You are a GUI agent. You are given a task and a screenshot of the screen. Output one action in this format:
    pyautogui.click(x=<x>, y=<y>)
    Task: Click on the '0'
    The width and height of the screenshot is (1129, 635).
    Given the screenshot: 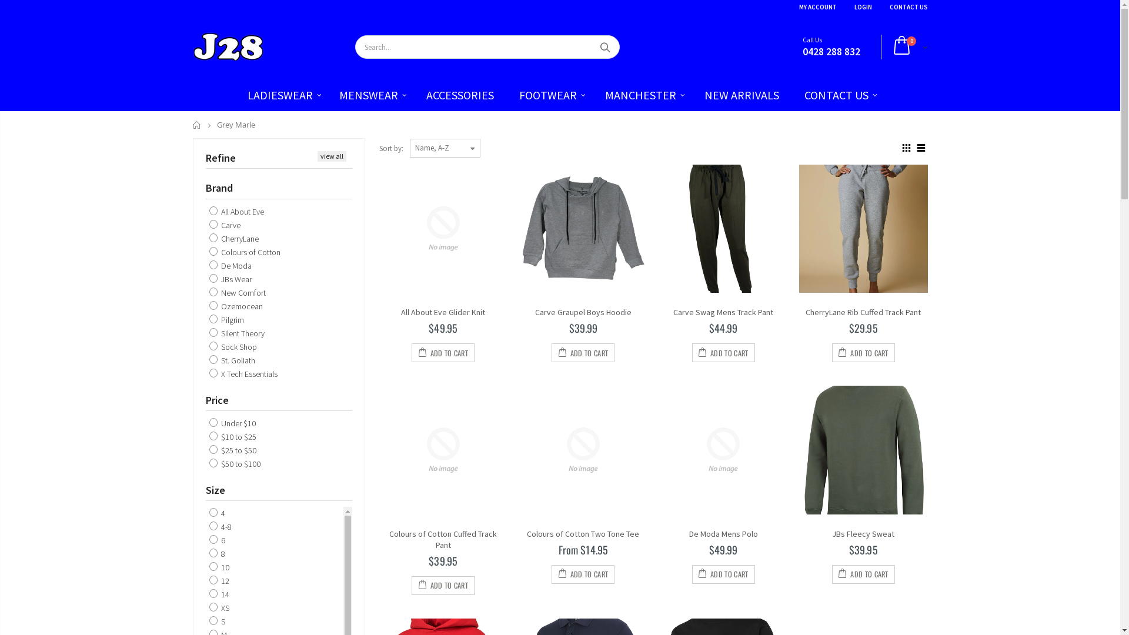 What is the action you would take?
    pyautogui.click(x=906, y=46)
    